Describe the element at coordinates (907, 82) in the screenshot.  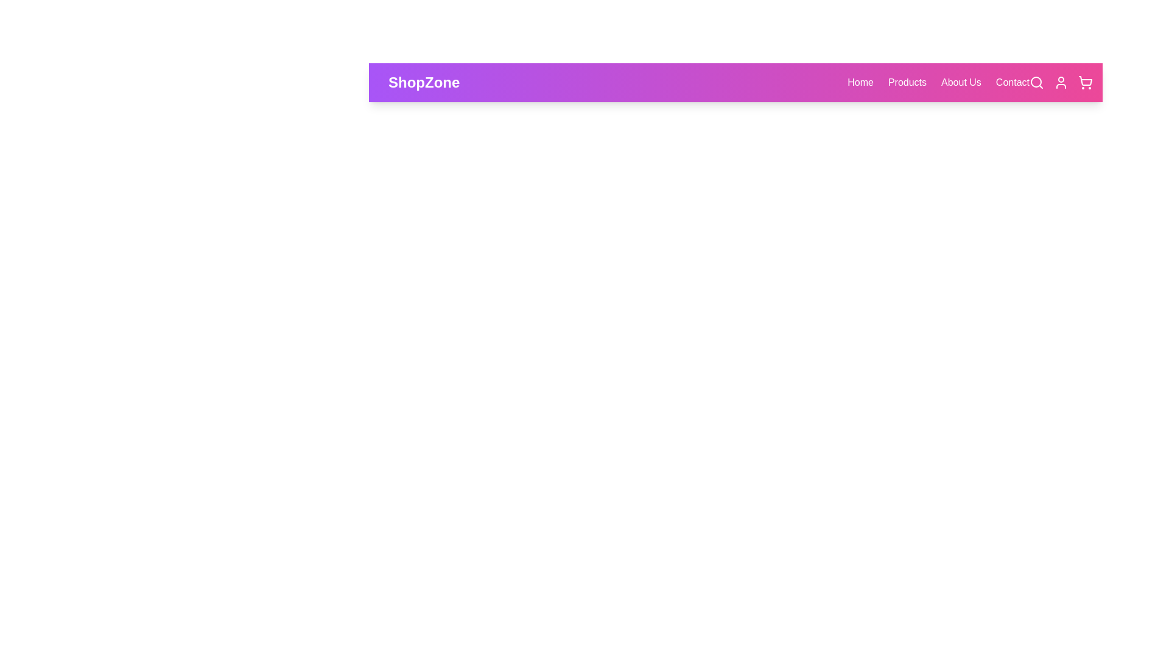
I see `the Products link in the navigation bar to navigate to the respective section` at that location.